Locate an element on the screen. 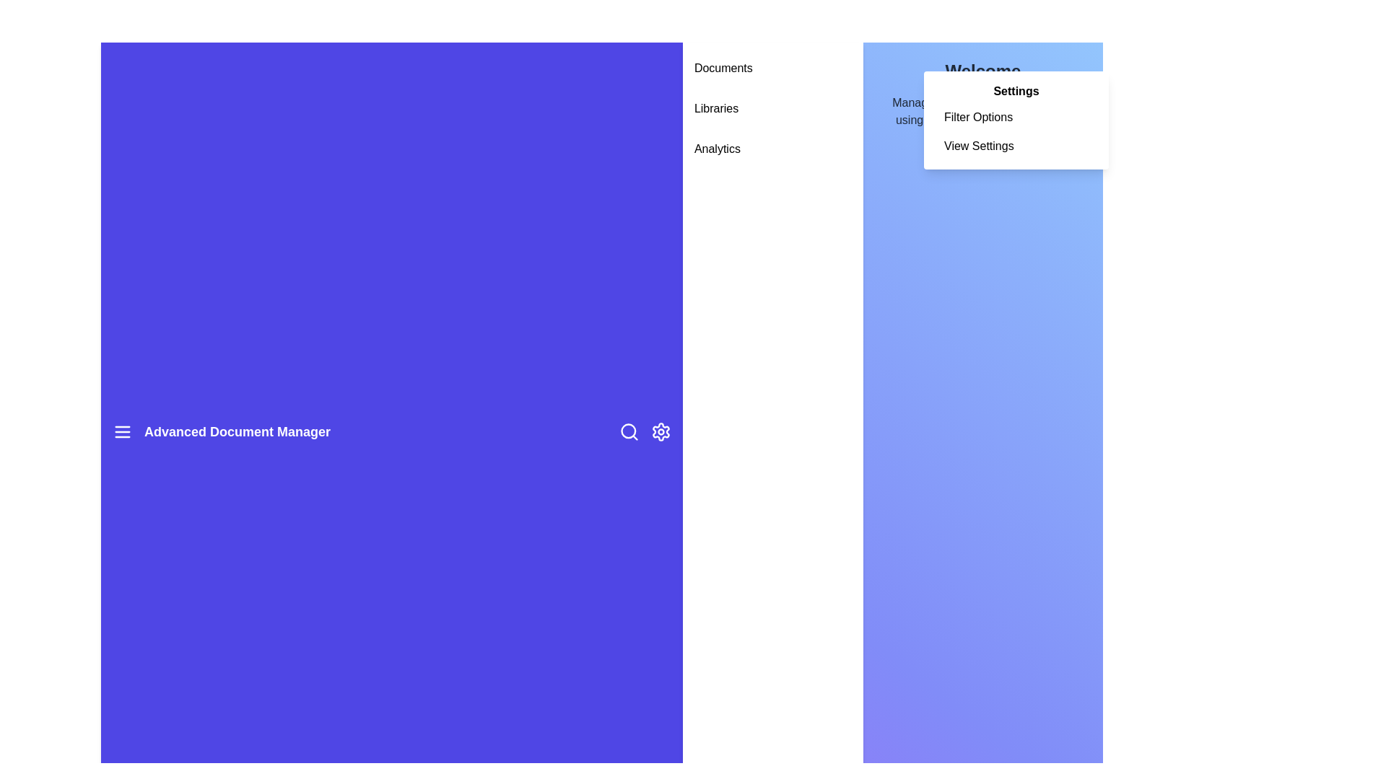 The width and height of the screenshot is (1386, 779). the sidebar menu item Libraries is located at coordinates (772, 107).